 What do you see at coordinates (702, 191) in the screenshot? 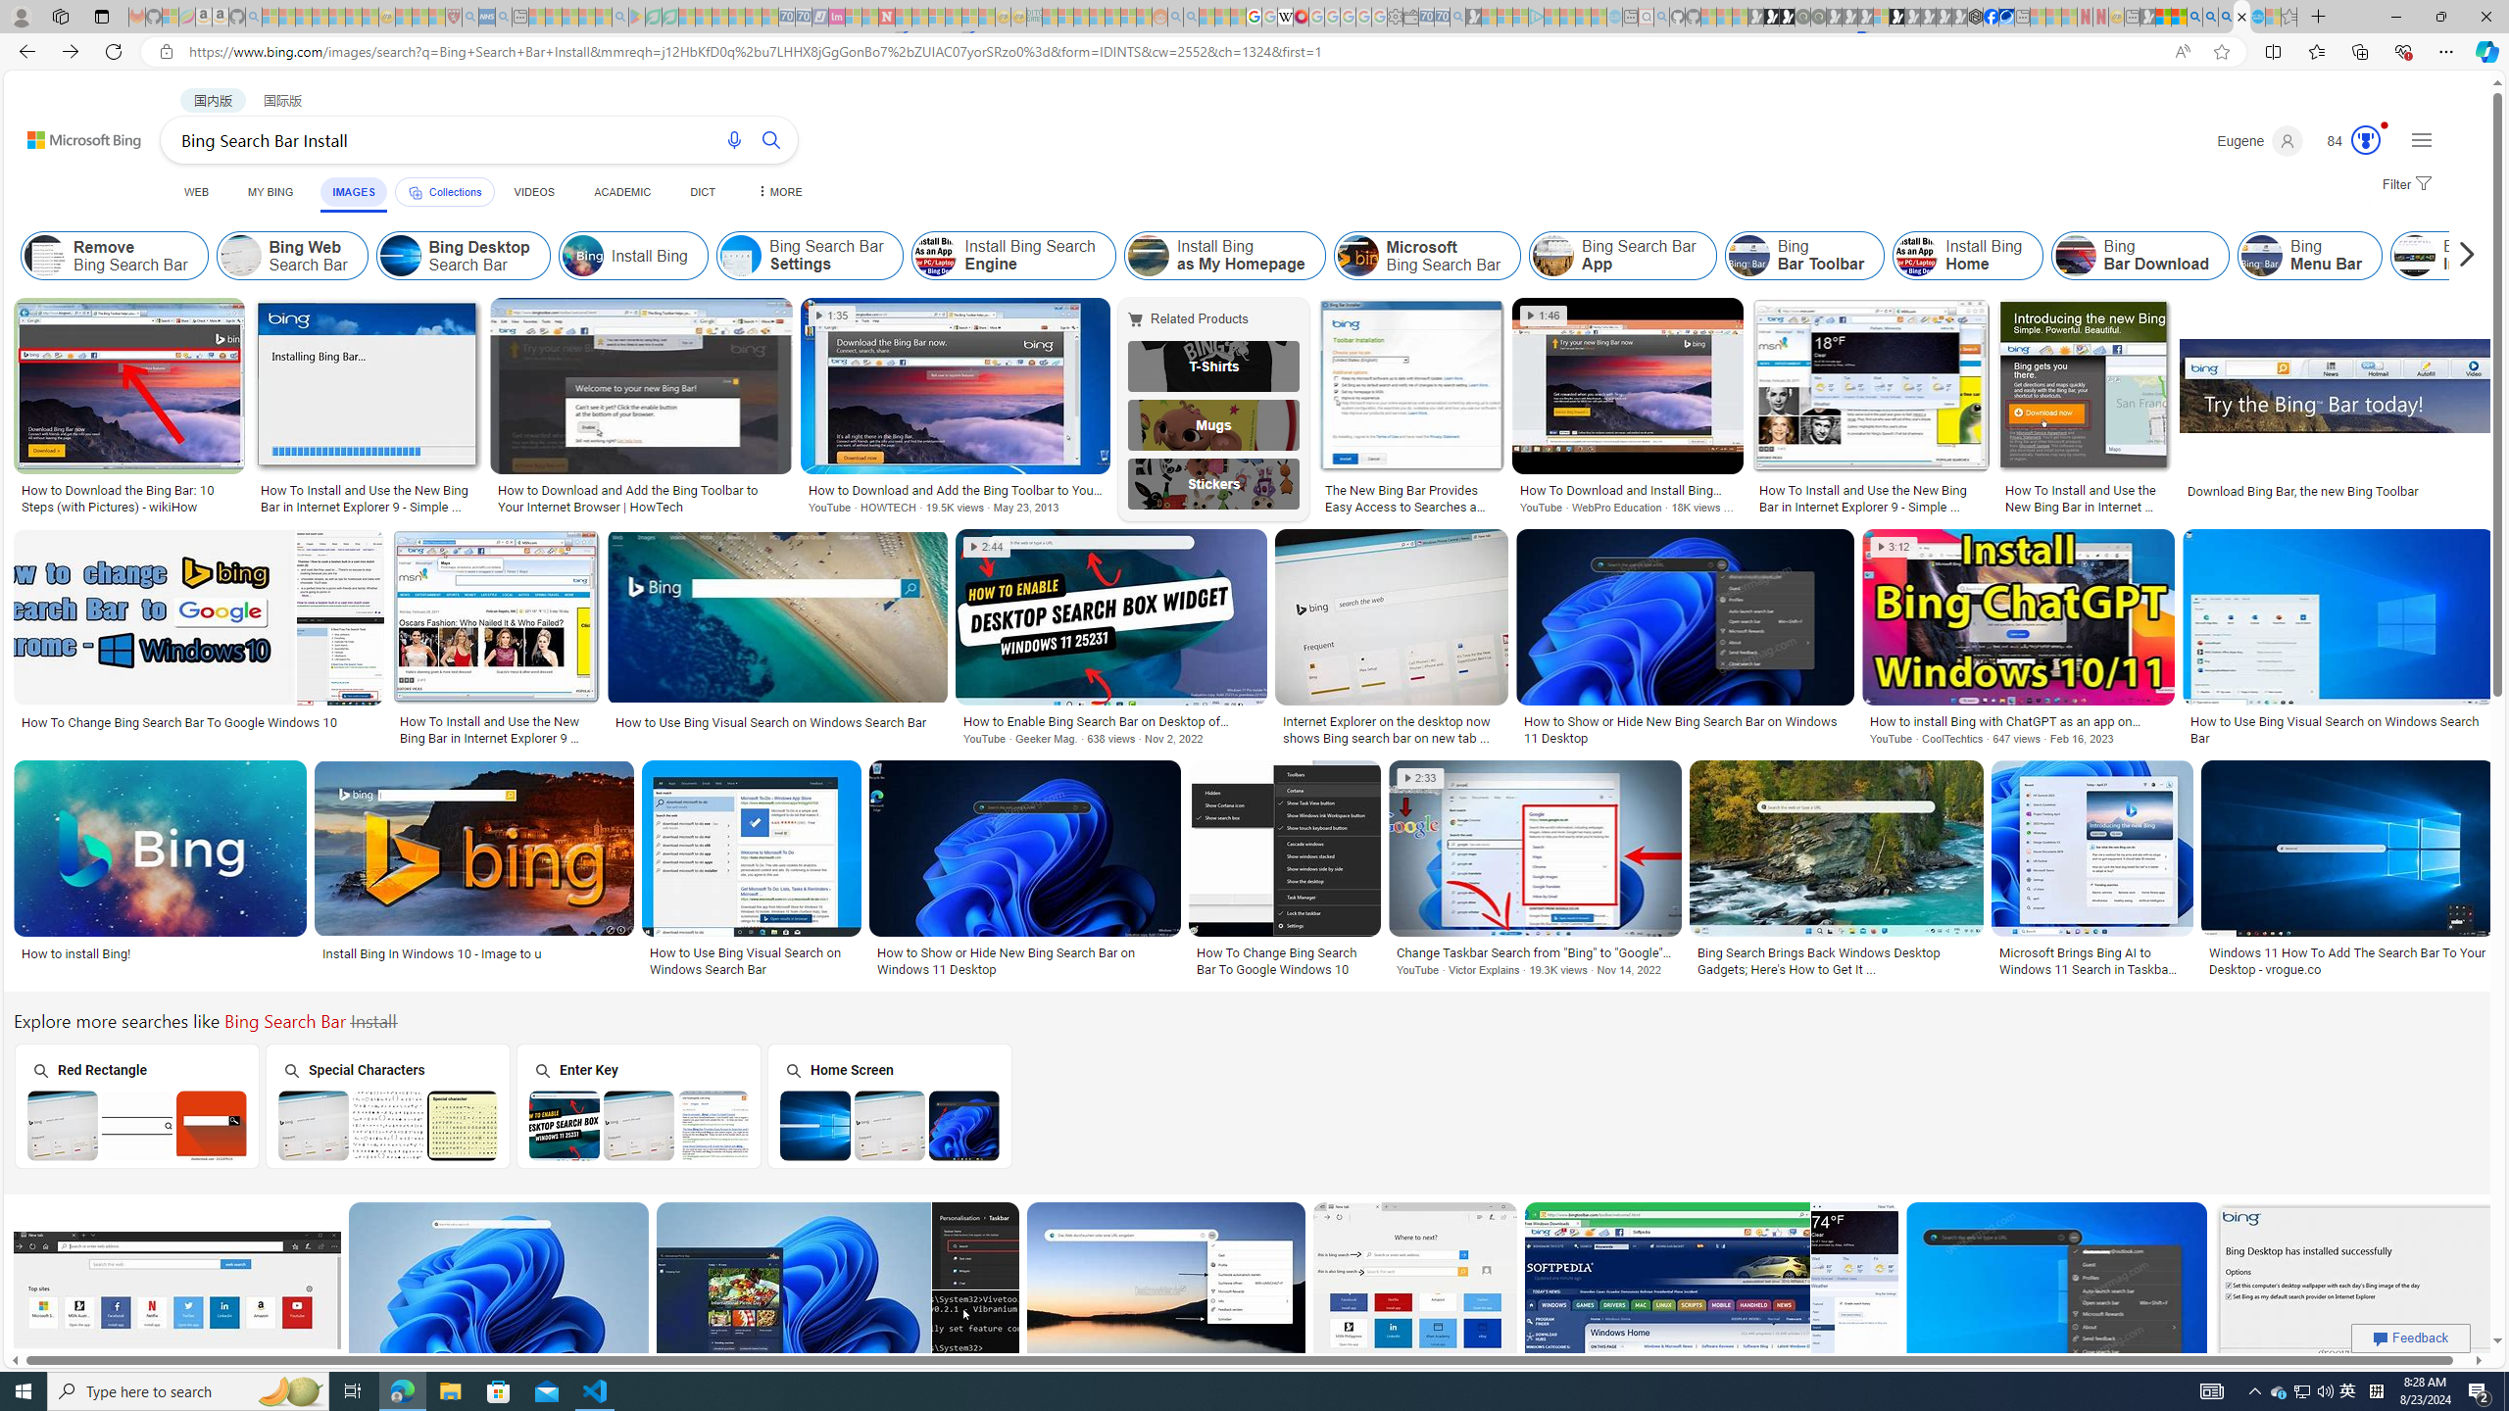
I see `'DICT'` at bounding box center [702, 191].